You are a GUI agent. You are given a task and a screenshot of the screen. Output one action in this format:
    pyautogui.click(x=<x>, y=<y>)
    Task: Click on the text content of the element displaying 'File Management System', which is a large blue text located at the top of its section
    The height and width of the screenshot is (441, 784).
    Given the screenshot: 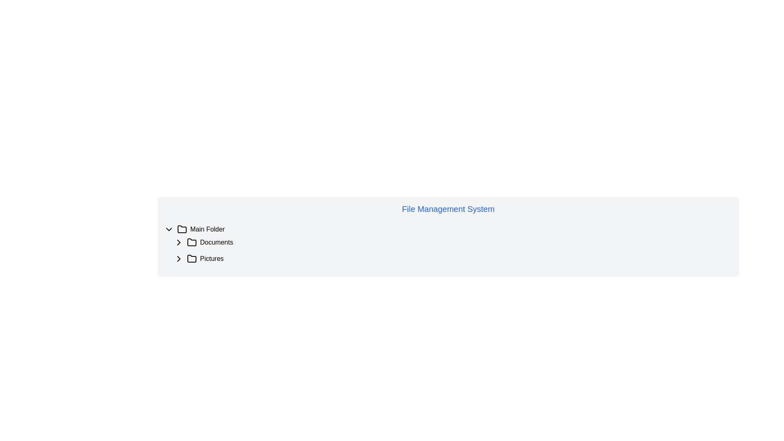 What is the action you would take?
    pyautogui.click(x=448, y=209)
    